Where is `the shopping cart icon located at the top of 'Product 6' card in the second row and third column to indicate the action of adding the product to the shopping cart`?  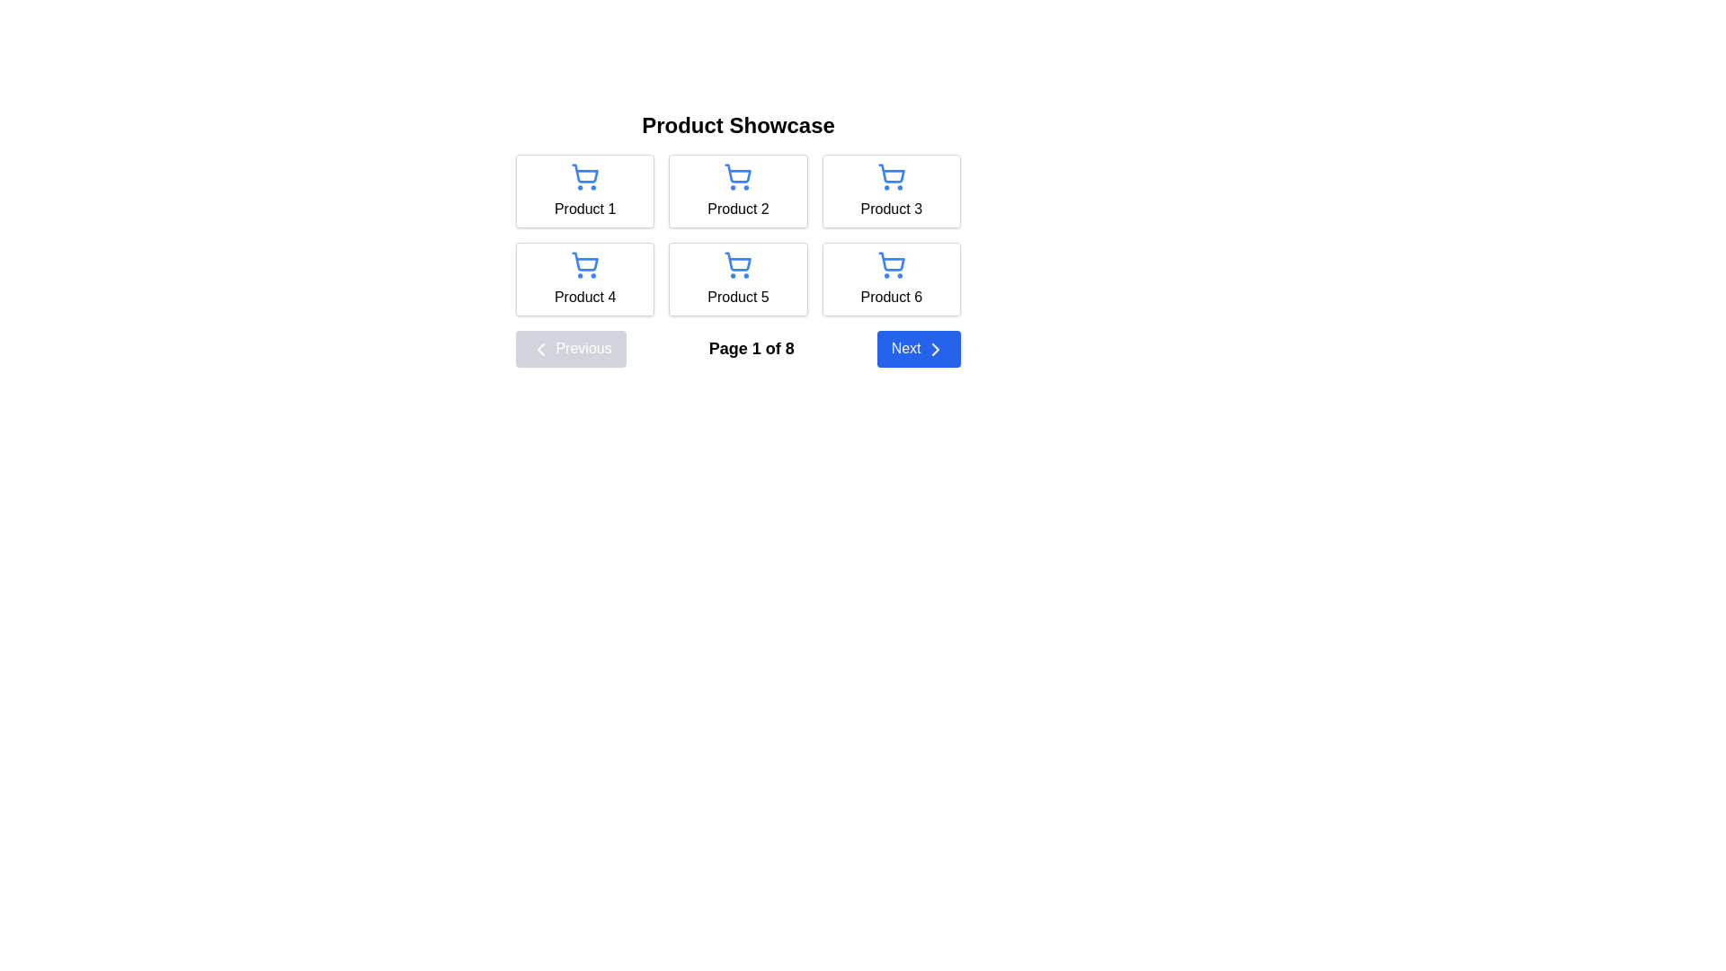
the shopping cart icon located at the top of 'Product 6' card in the second row and third column to indicate the action of adding the product to the shopping cart is located at coordinates (891, 264).